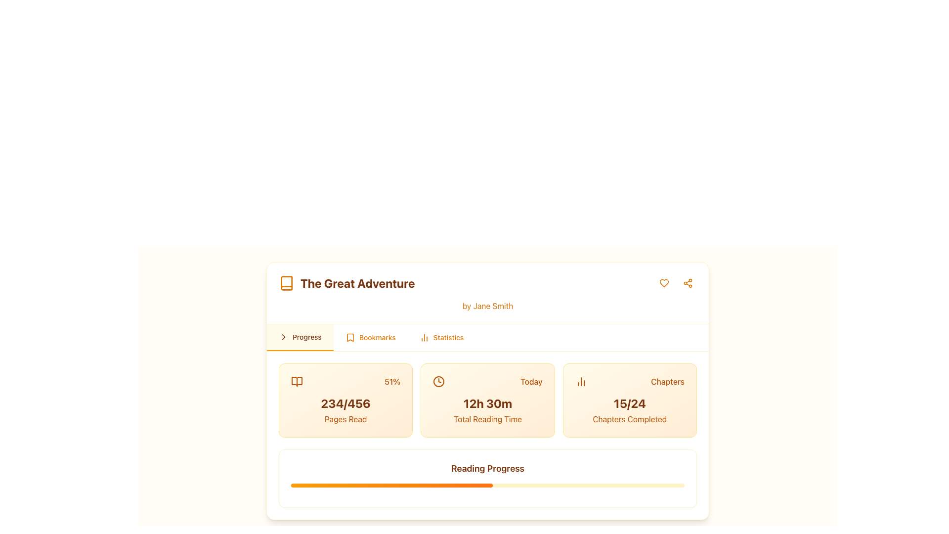 The width and height of the screenshot is (949, 534). I want to click on the descriptive Text label located at the bottom of the rectangular card in the second column of progress statistics, which clarifies the meaning of the associated numerical values, so click(345, 419).